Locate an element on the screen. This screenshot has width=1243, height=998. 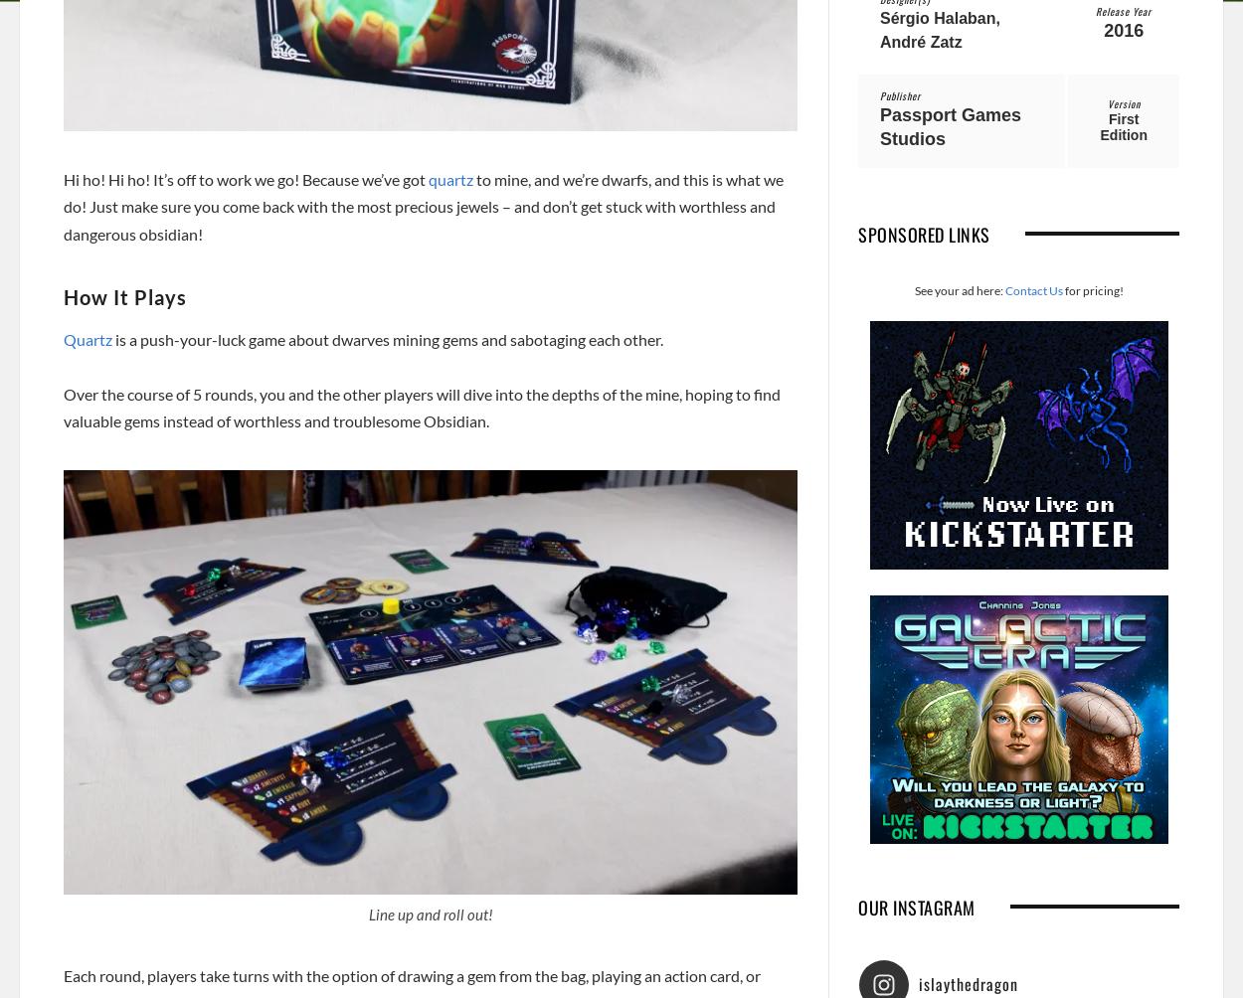
'How It Plays' is located at coordinates (125, 295).